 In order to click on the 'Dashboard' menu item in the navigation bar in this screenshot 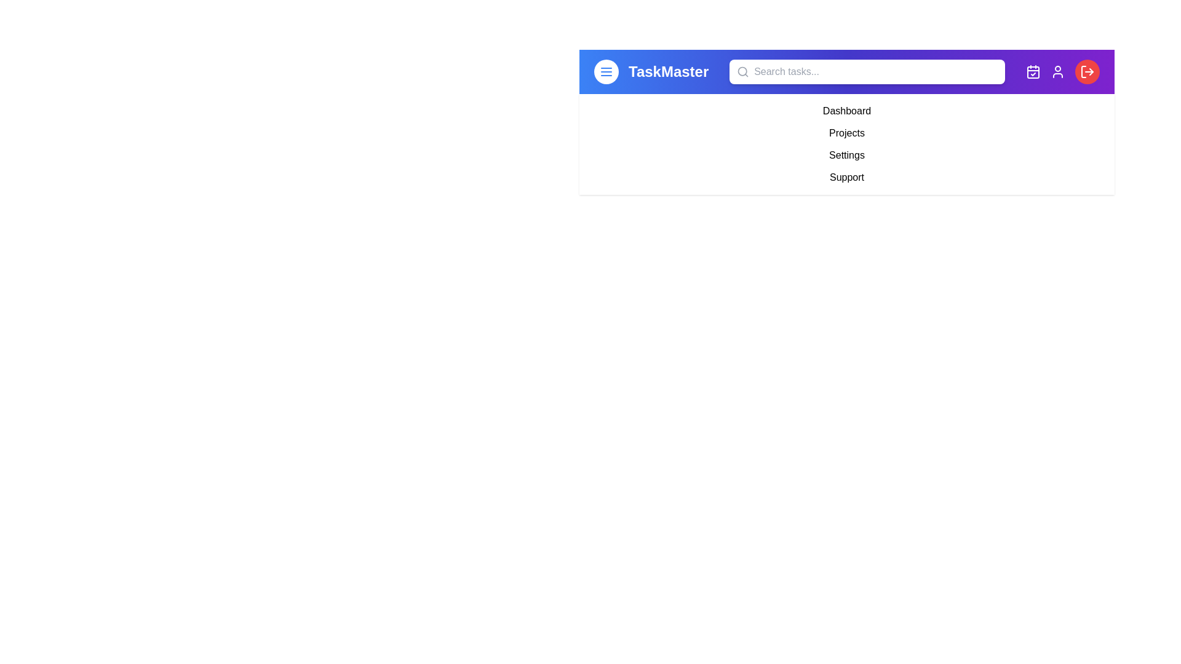, I will do `click(846, 111)`.